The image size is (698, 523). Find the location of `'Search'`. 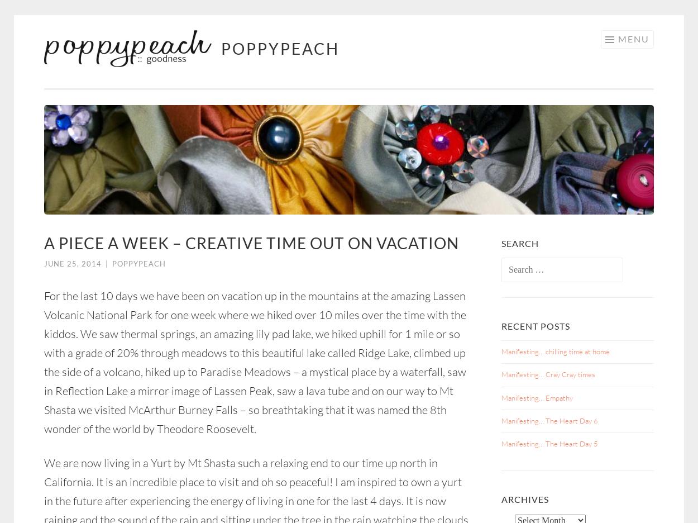

'Search' is located at coordinates (501, 243).